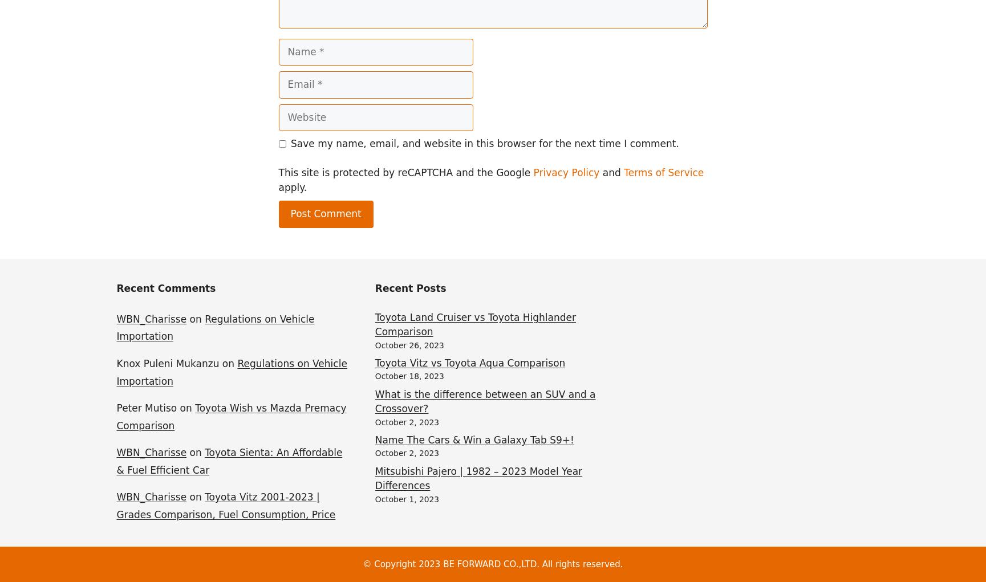  What do you see at coordinates (228, 461) in the screenshot?
I see `'Toyota Sienta: An Affordable & Fuel Efficient Car'` at bounding box center [228, 461].